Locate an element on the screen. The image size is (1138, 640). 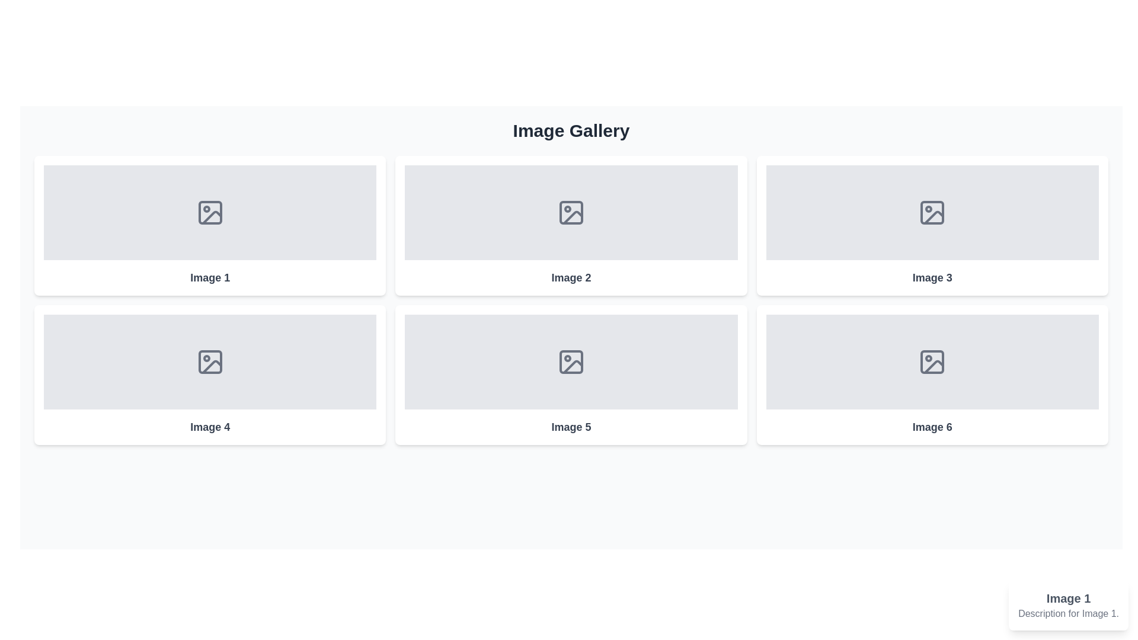
the gray icon representing a generic image located in the second box of the first row in the 'Image Gallery' section is located at coordinates (571, 212).